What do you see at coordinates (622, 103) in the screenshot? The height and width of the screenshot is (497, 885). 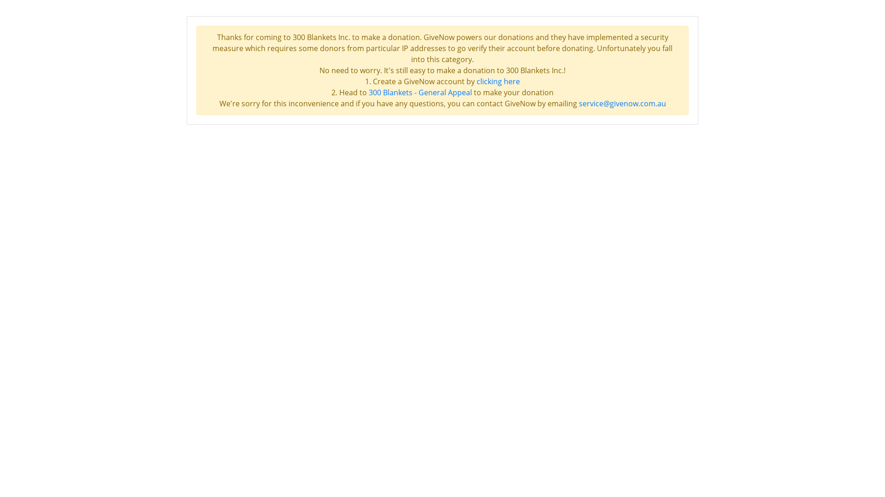 I see `'service@givenow.com.au'` at bounding box center [622, 103].